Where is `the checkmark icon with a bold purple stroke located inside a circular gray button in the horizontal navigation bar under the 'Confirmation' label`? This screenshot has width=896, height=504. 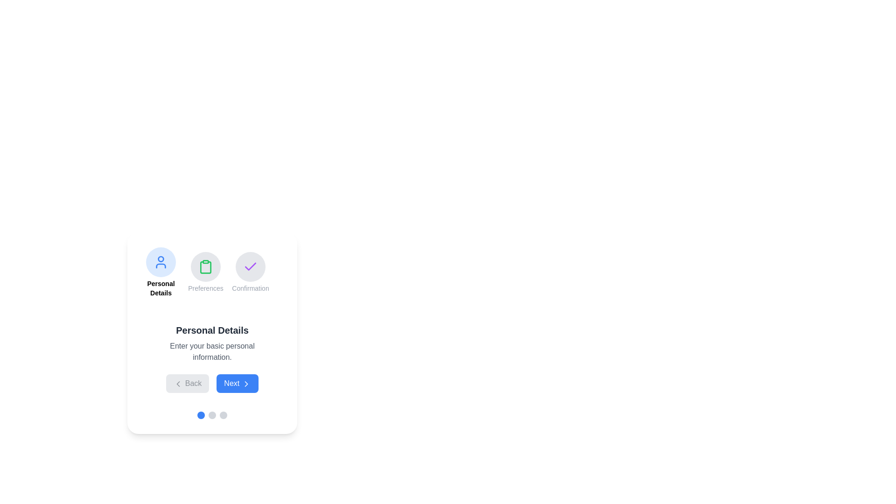
the checkmark icon with a bold purple stroke located inside a circular gray button in the horizontal navigation bar under the 'Confirmation' label is located at coordinates (251, 266).